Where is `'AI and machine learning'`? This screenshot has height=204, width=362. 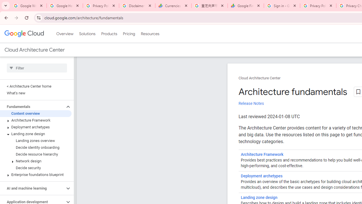 'AI and machine learning' is located at coordinates (32, 188).